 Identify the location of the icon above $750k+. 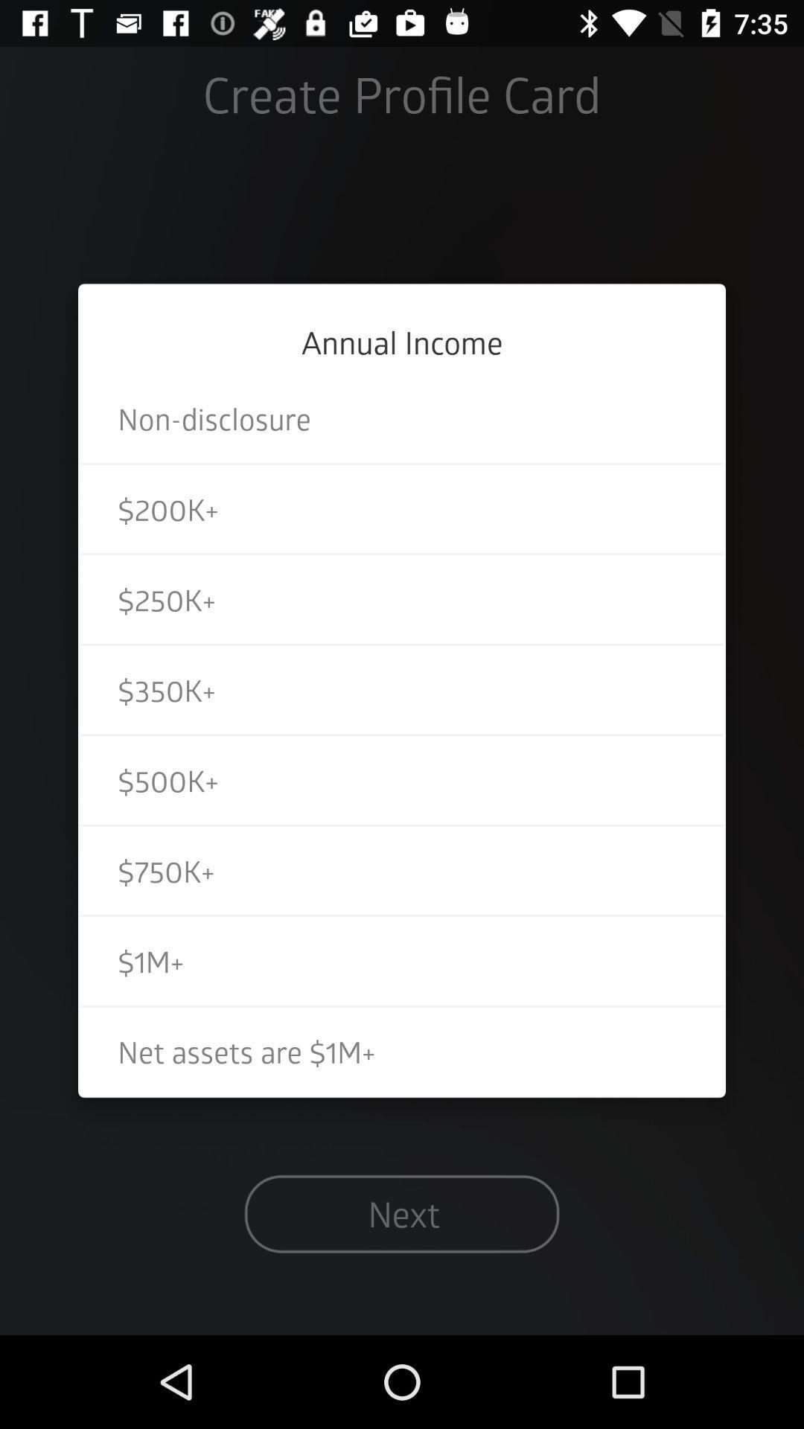
(402, 779).